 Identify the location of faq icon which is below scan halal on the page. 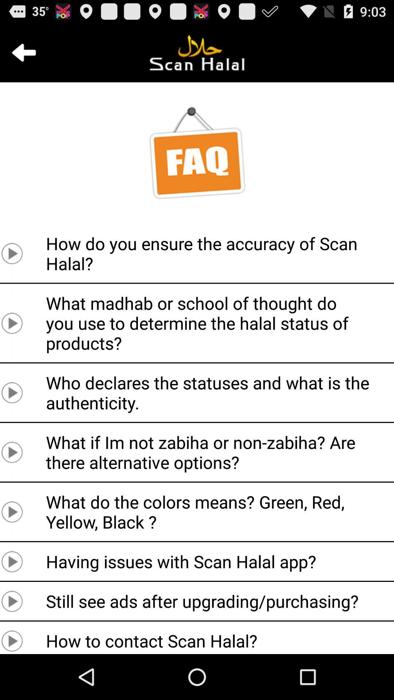
(197, 153).